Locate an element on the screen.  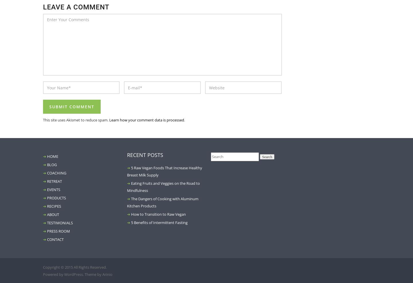
'Copyright © 2015 All Rights Reserved.' is located at coordinates (43, 267).